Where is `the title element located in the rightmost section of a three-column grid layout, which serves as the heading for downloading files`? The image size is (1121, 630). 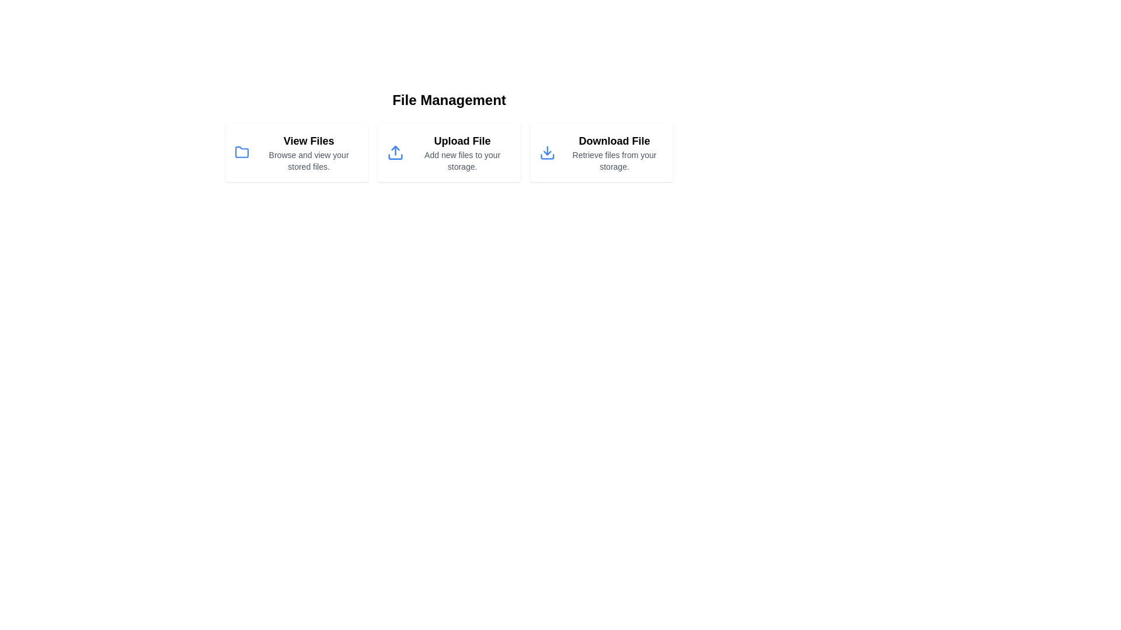 the title element located in the rightmost section of a three-column grid layout, which serves as the heading for downloading files is located at coordinates (614, 141).